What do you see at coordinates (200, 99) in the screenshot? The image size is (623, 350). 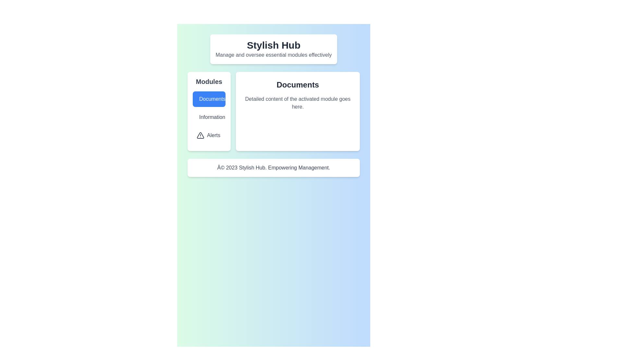 I see `the folder icon vector graphic located in the 'Modules' section next to the 'Documents' label` at bounding box center [200, 99].